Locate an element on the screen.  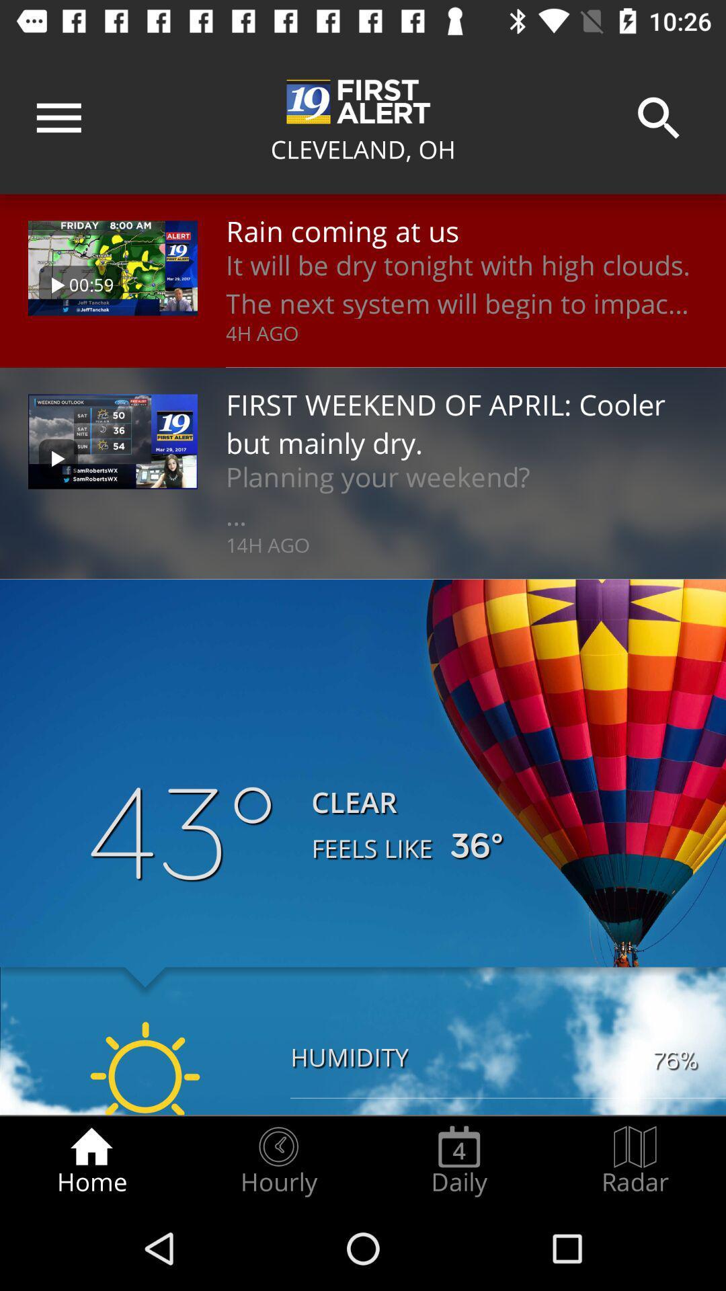
the home icon is located at coordinates (91, 1161).